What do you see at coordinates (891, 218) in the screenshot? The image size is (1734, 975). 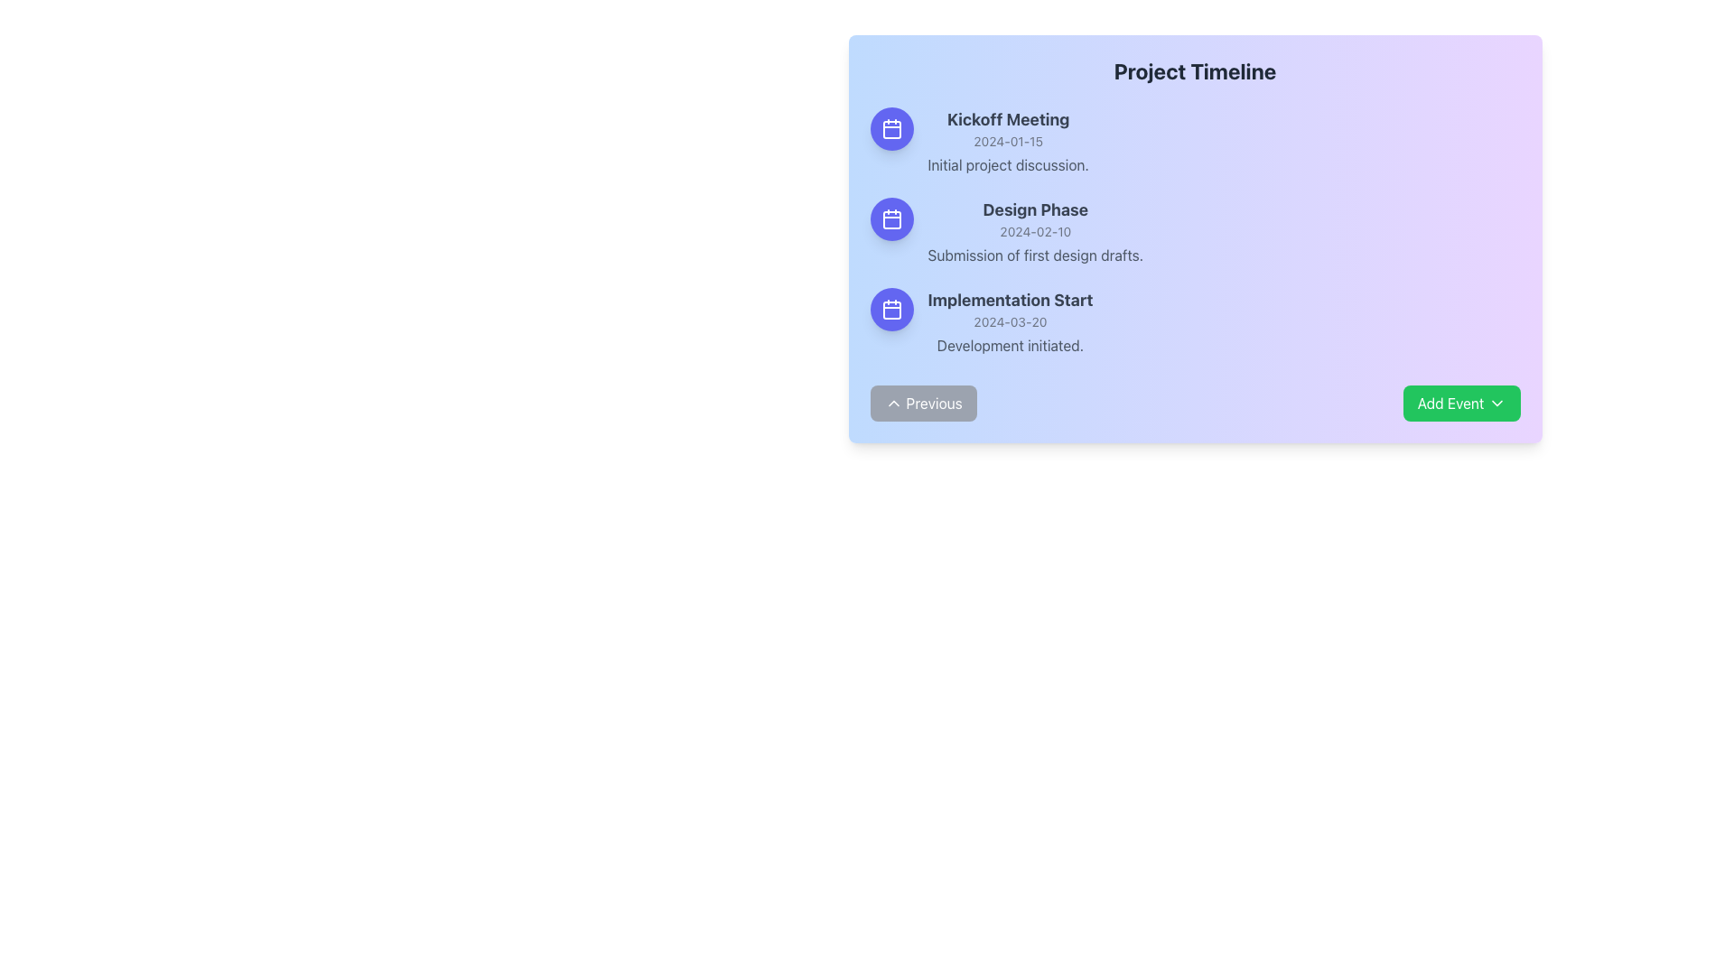 I see `the calendar icon that represents the 'Design Phase' entry in the project timeline, located to the left of the title 'Design Phase'` at bounding box center [891, 218].